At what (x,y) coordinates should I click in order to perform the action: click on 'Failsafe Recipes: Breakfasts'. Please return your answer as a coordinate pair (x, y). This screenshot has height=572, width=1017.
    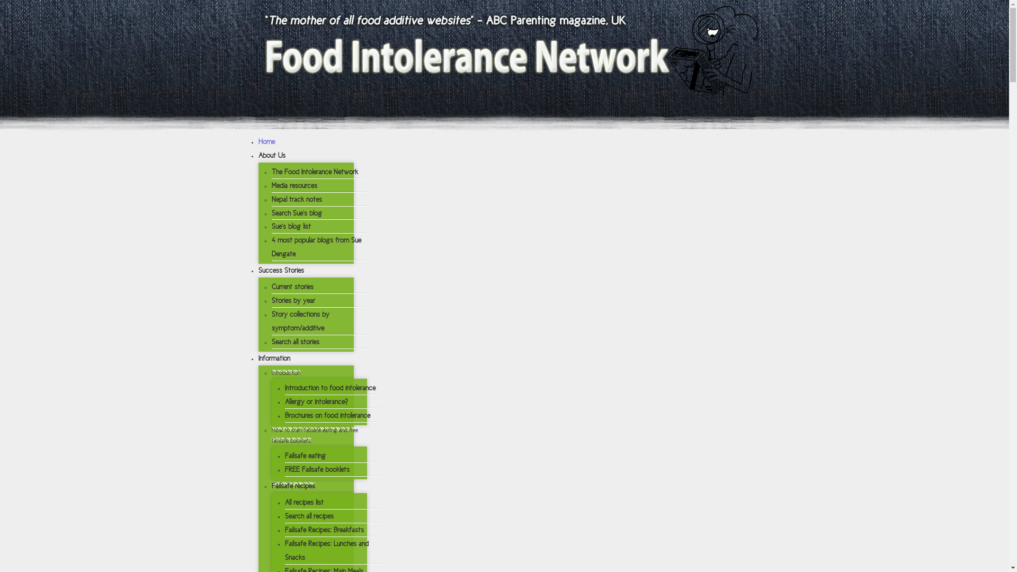
    Looking at the image, I should click on (284, 530).